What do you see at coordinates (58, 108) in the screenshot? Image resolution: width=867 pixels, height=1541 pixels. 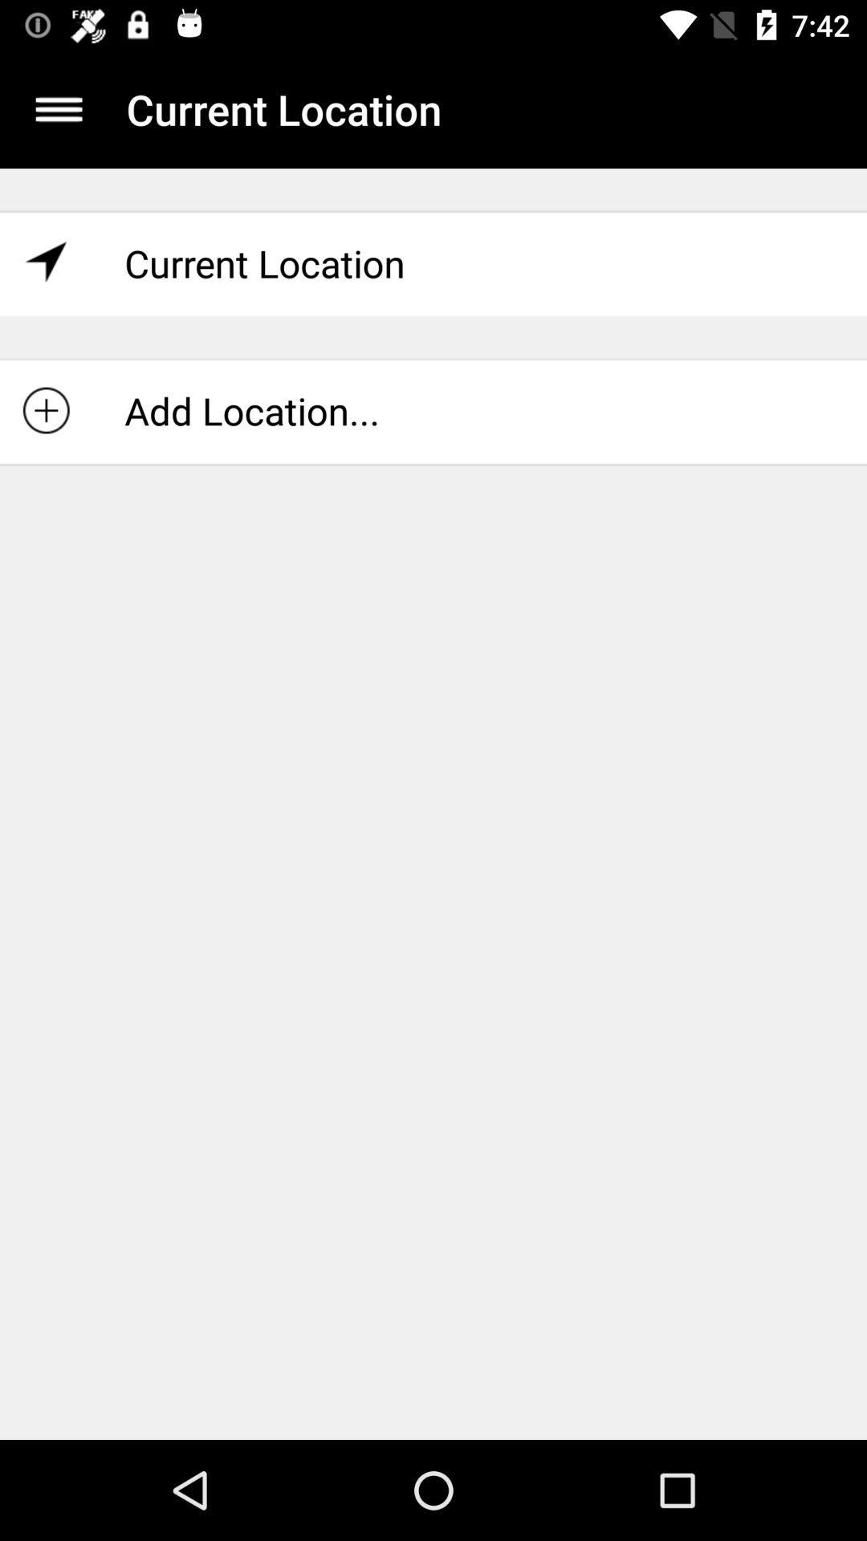 I see `the item to the left of the current location icon` at bounding box center [58, 108].